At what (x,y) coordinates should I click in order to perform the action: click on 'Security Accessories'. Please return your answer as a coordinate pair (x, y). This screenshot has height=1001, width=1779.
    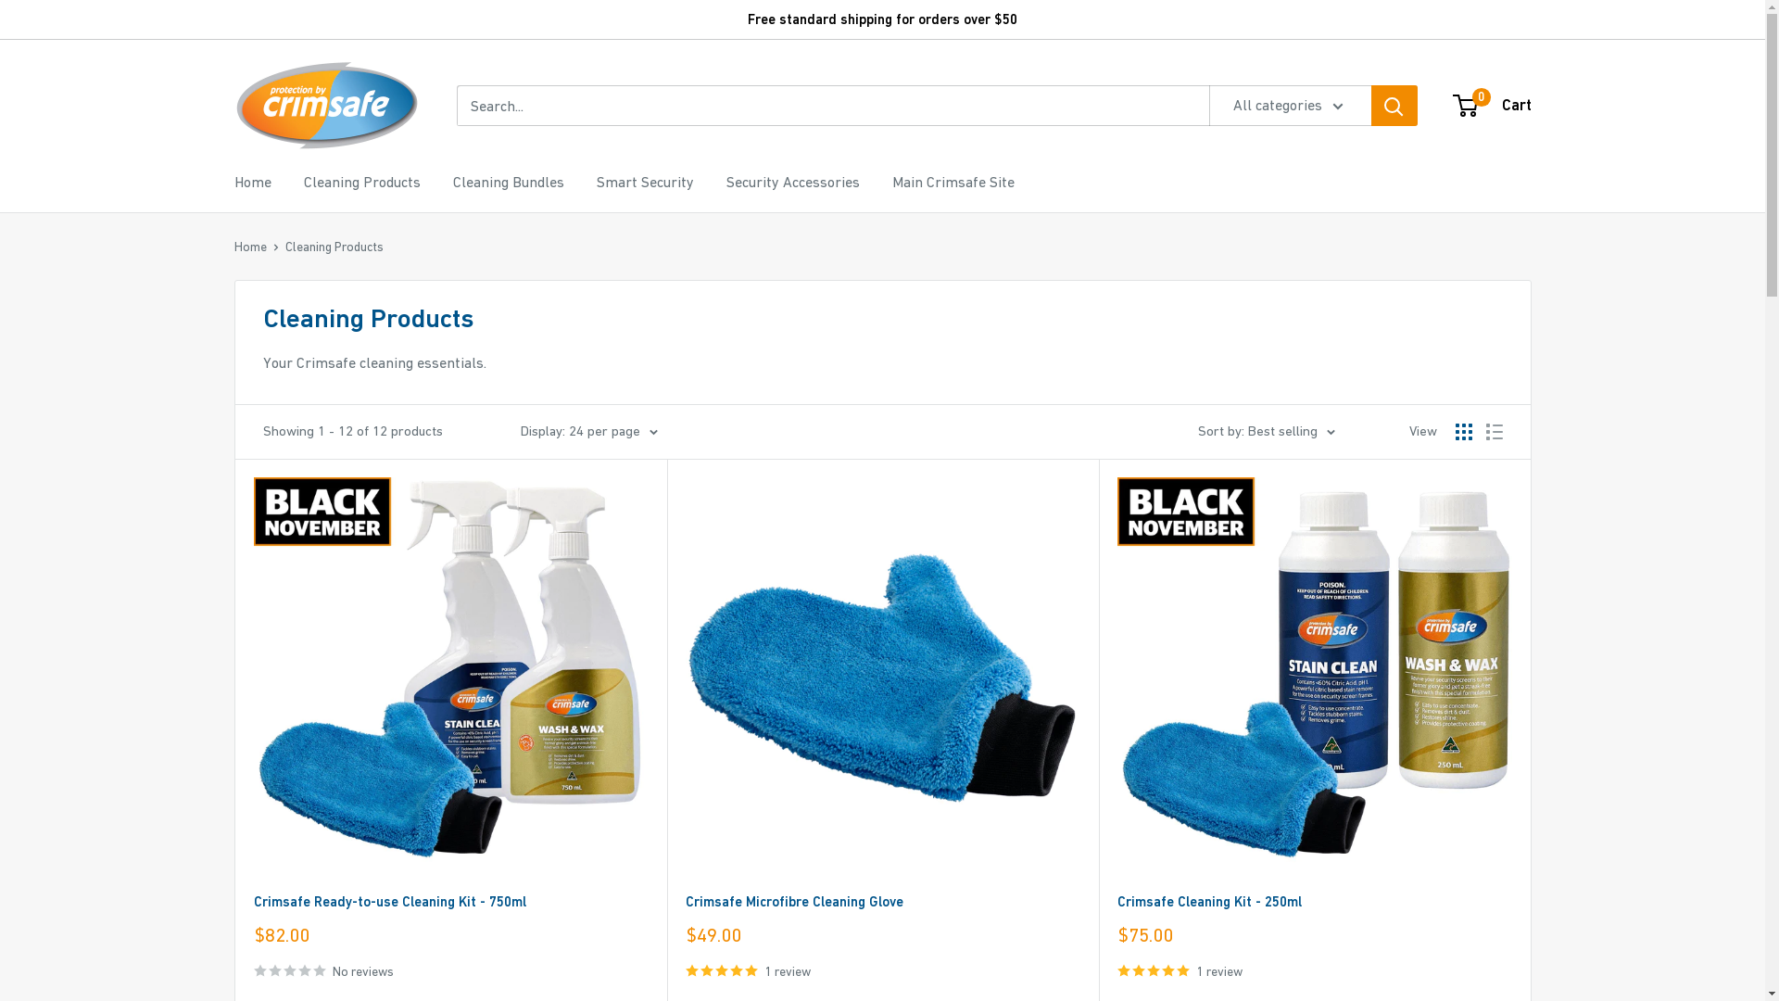
    Looking at the image, I should click on (792, 182).